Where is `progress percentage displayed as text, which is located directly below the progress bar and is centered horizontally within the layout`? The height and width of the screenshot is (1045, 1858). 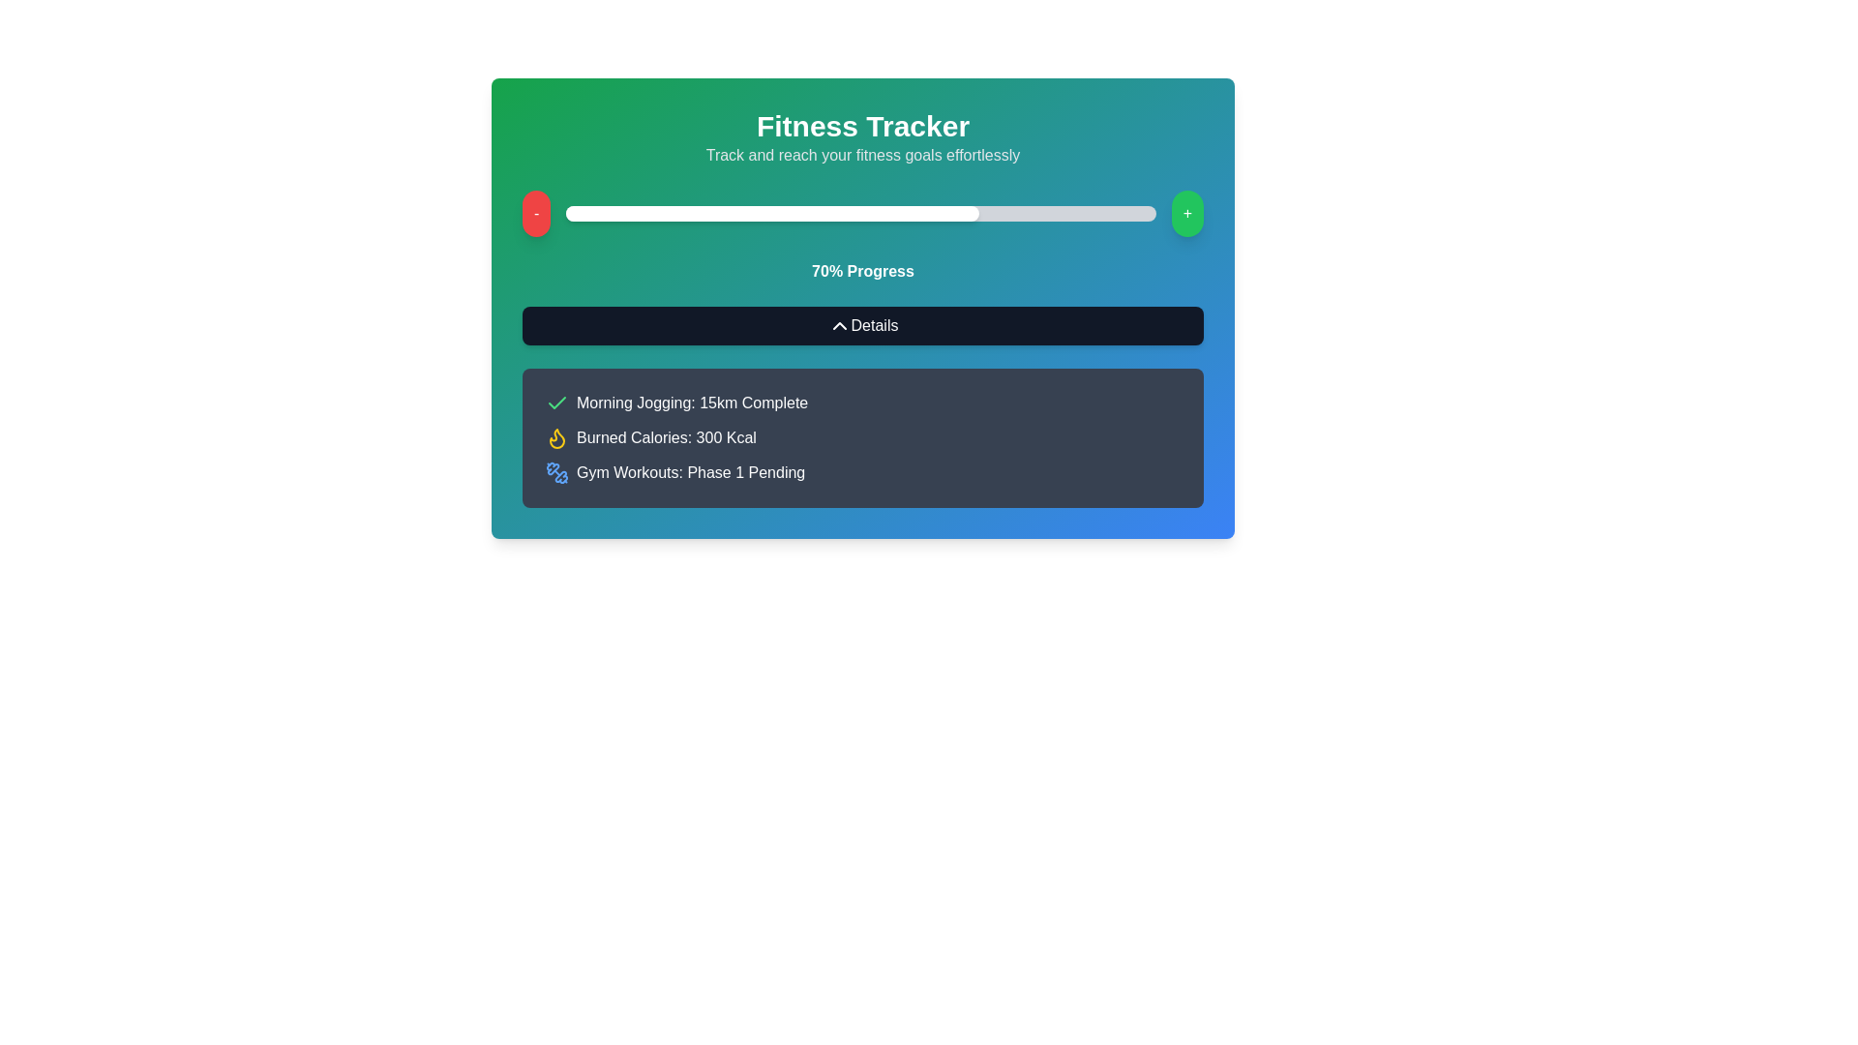 progress percentage displayed as text, which is located directly below the progress bar and is centered horizontally within the layout is located at coordinates (862, 272).